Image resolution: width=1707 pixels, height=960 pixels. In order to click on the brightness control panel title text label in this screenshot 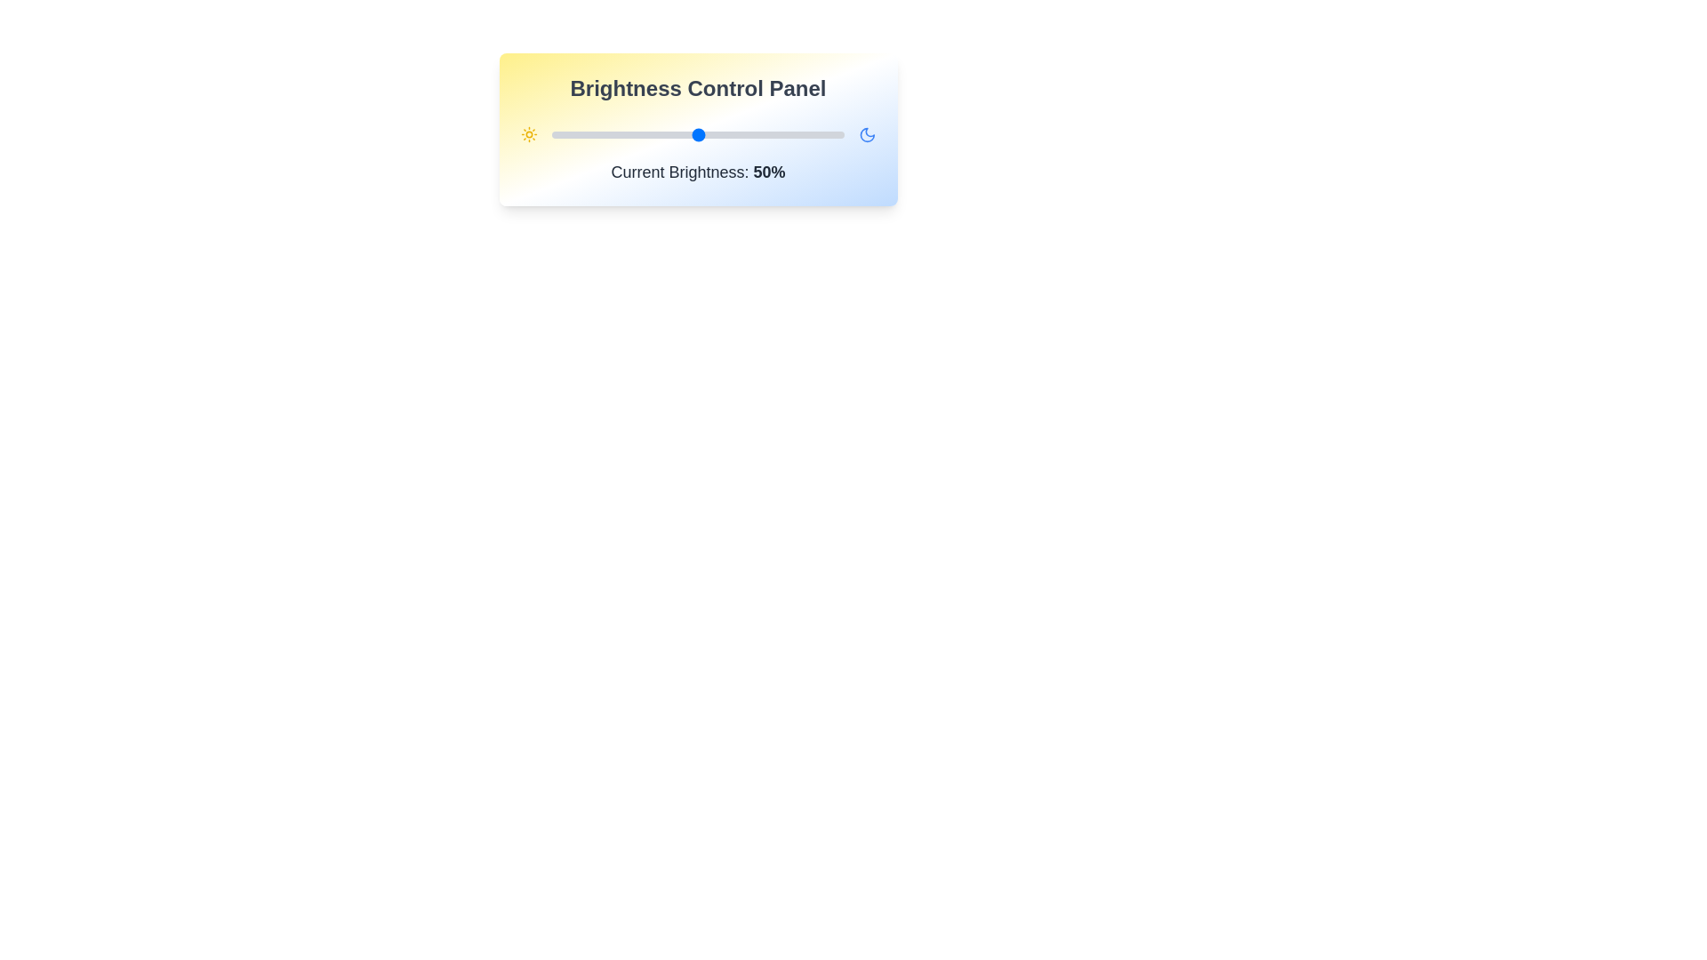, I will do `click(697, 89)`.